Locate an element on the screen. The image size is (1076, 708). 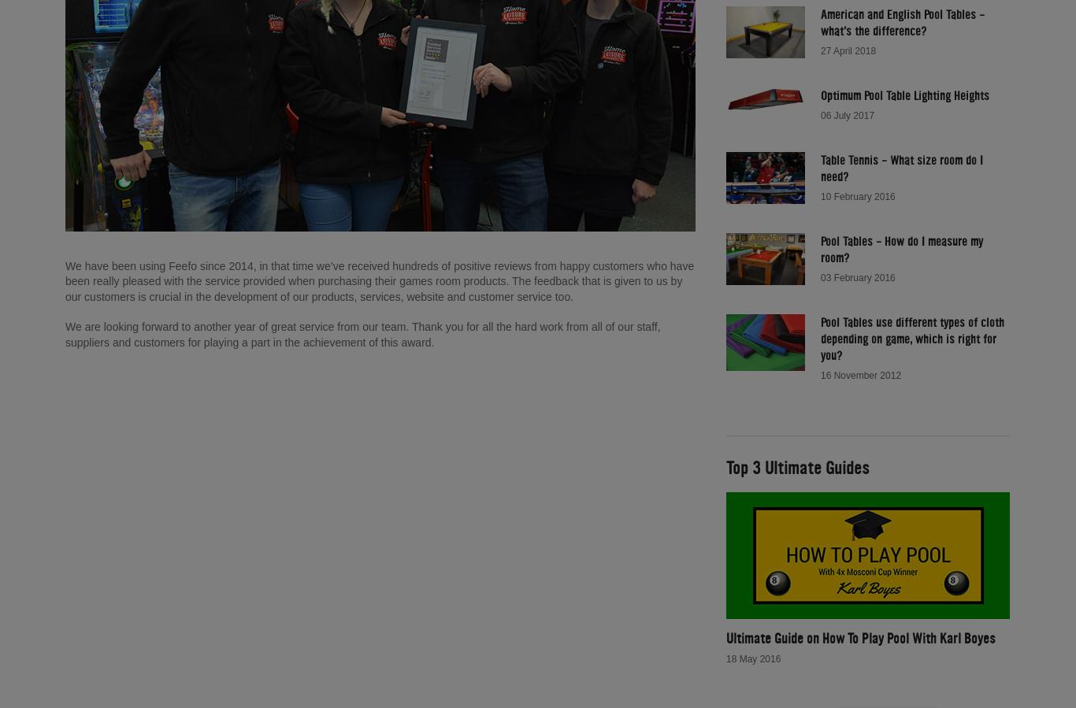
'We have been using Feefo since 2014, in that time we’ve received hundreds of positive reviews from happy customers who have been really pleased with the service provided when purchasing their games room products. The feedback that is given to us by our customers is crucial in the development of our products, services, website and customer service too.' is located at coordinates (380, 280).